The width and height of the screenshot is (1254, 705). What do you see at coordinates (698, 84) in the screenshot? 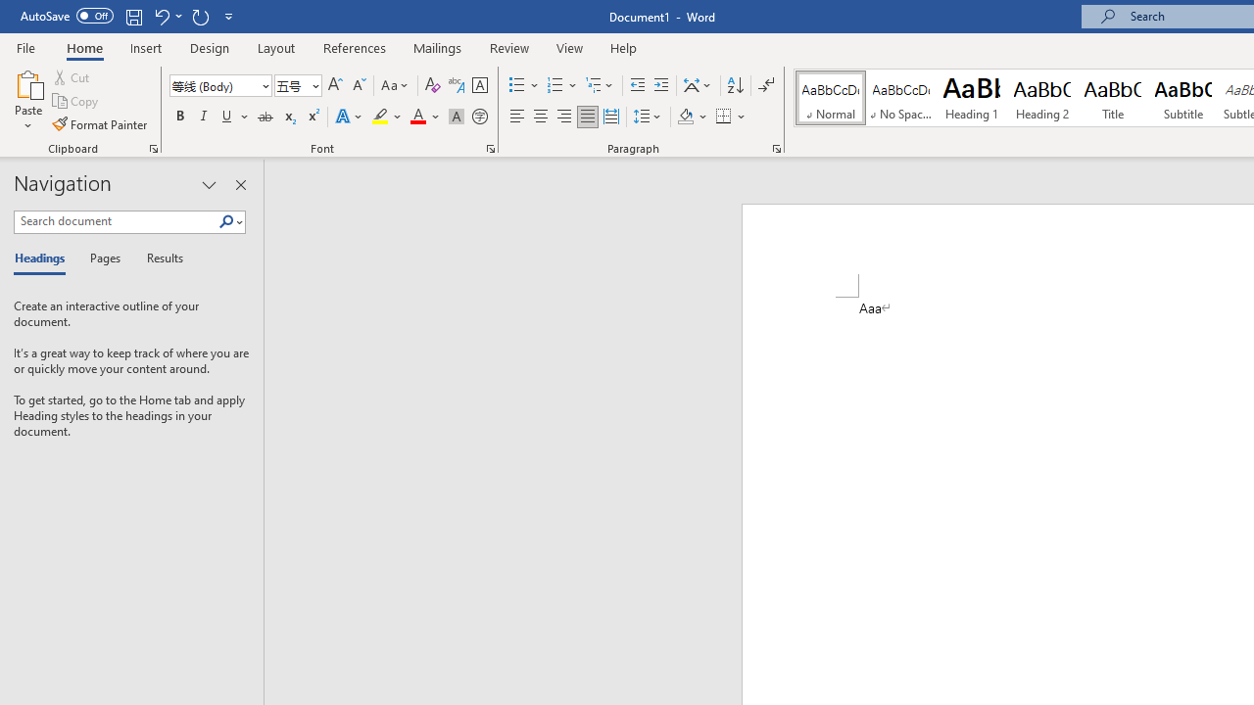
I see `'Asian Layout'` at bounding box center [698, 84].